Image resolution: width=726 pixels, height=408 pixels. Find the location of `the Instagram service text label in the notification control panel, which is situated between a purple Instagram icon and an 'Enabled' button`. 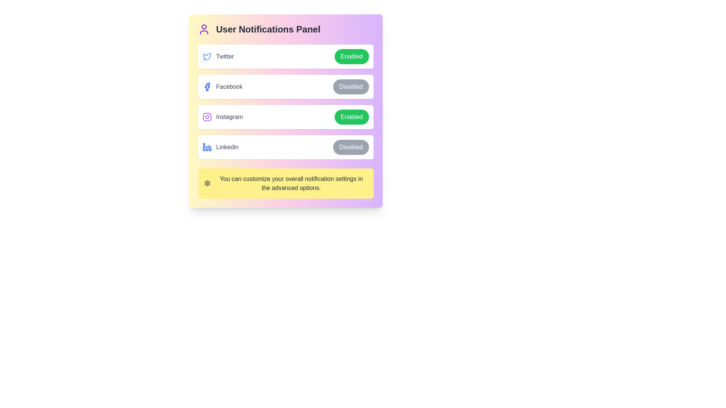

the Instagram service text label in the notification control panel, which is situated between a purple Instagram icon and an 'Enabled' button is located at coordinates (229, 117).